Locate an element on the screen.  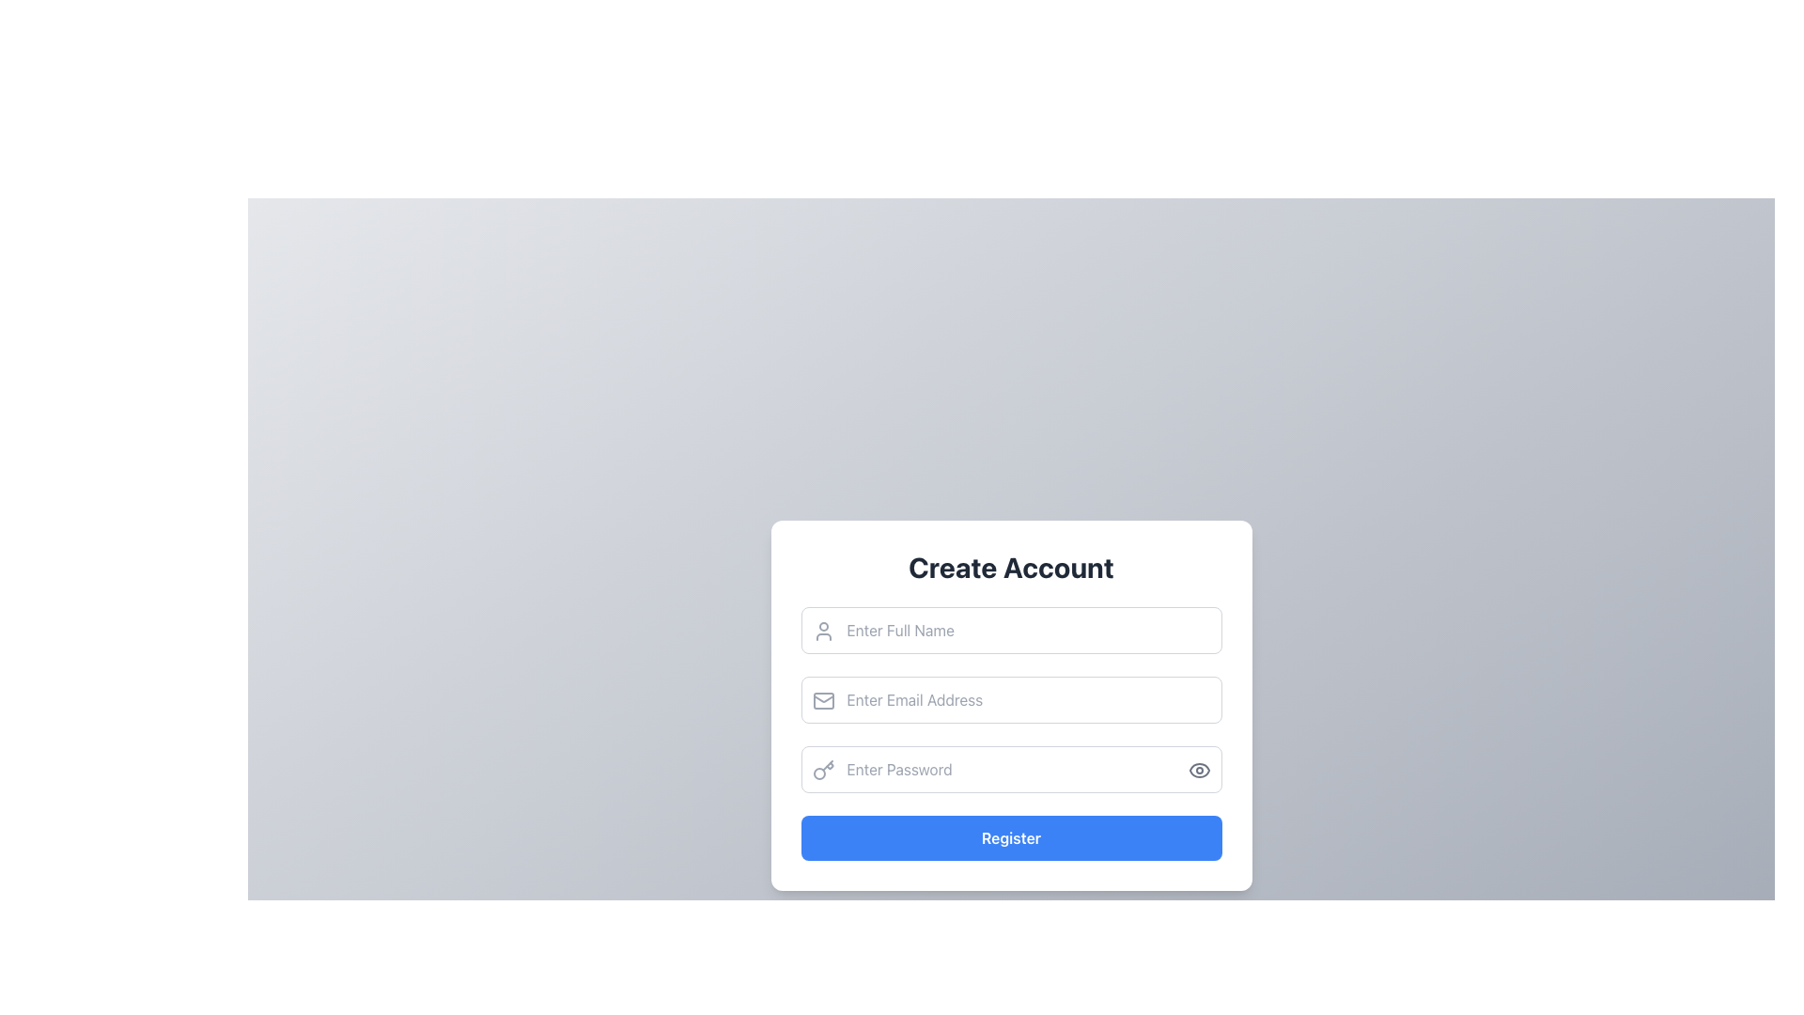
the 'Register' button, which is a rectangular button with a blue background and bold white text, to trigger its visual change is located at coordinates (1010, 836).